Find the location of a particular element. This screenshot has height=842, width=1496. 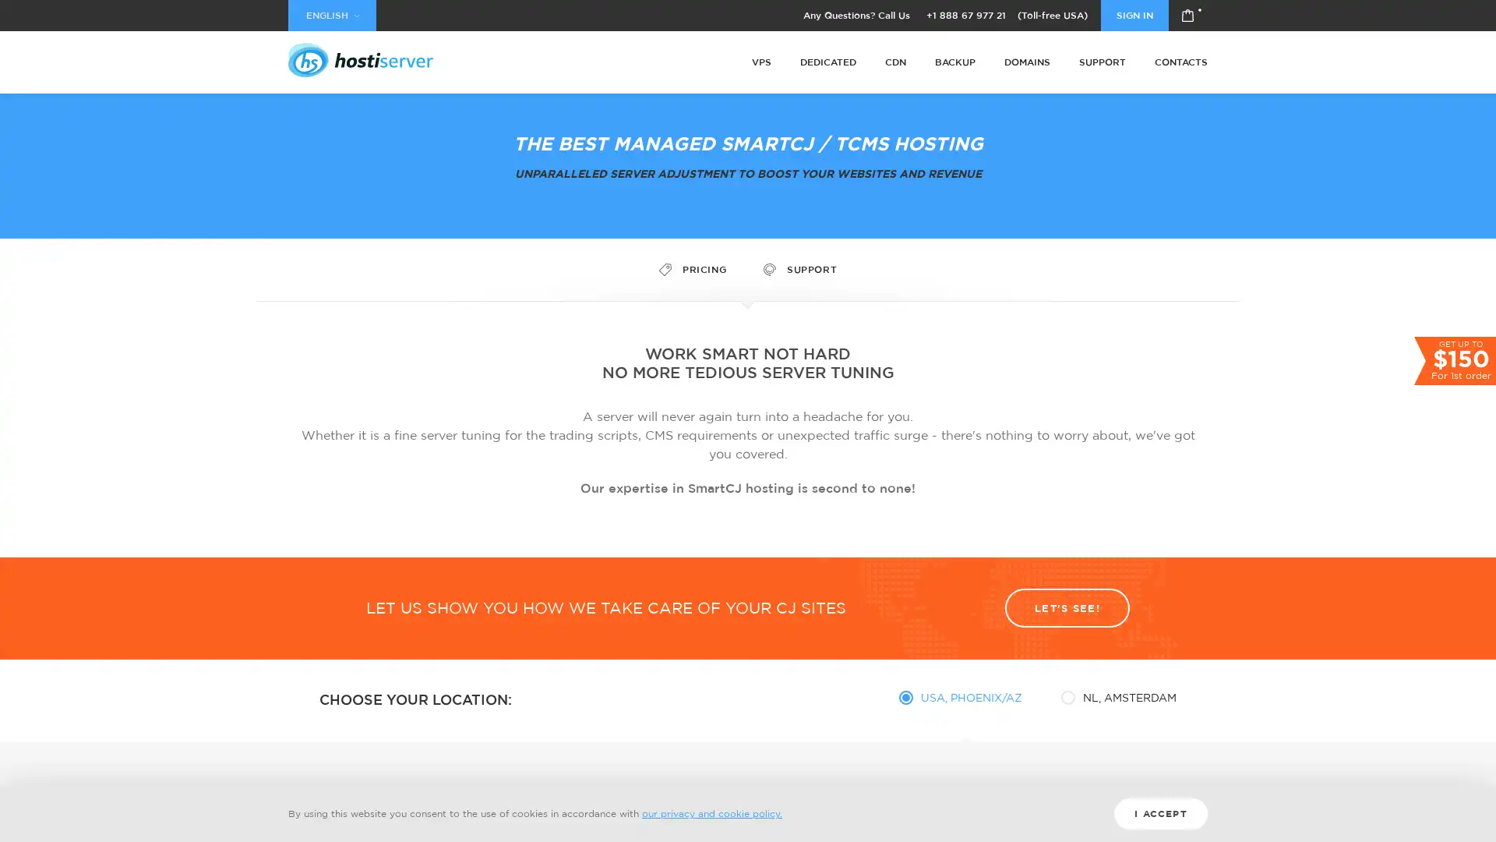

I ACCEPT is located at coordinates (1160, 813).